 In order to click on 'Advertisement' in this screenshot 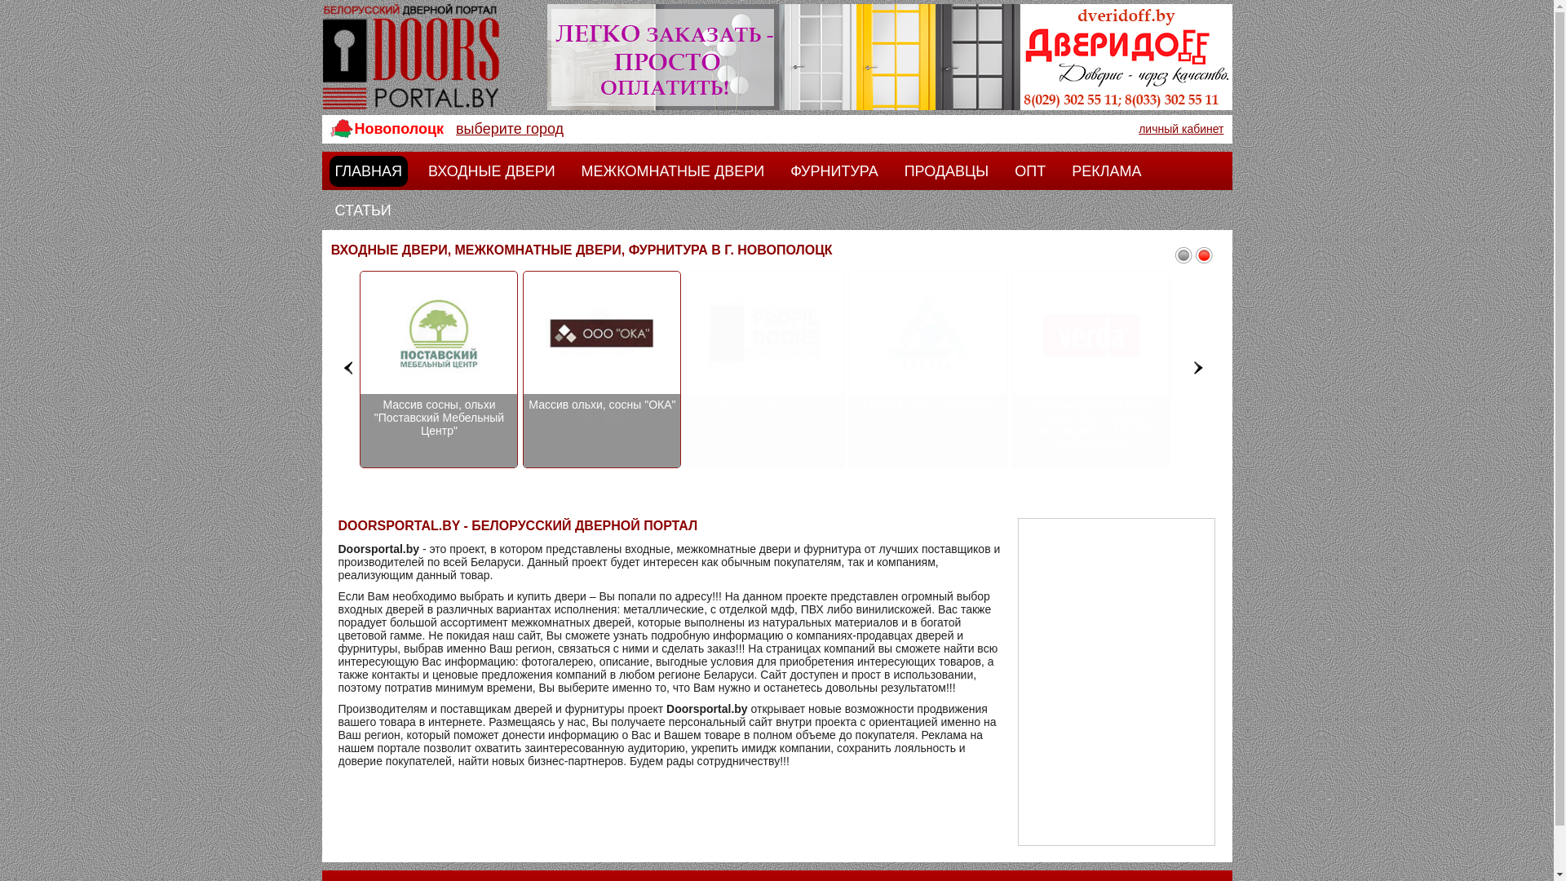, I will do `click(1115, 682)`.